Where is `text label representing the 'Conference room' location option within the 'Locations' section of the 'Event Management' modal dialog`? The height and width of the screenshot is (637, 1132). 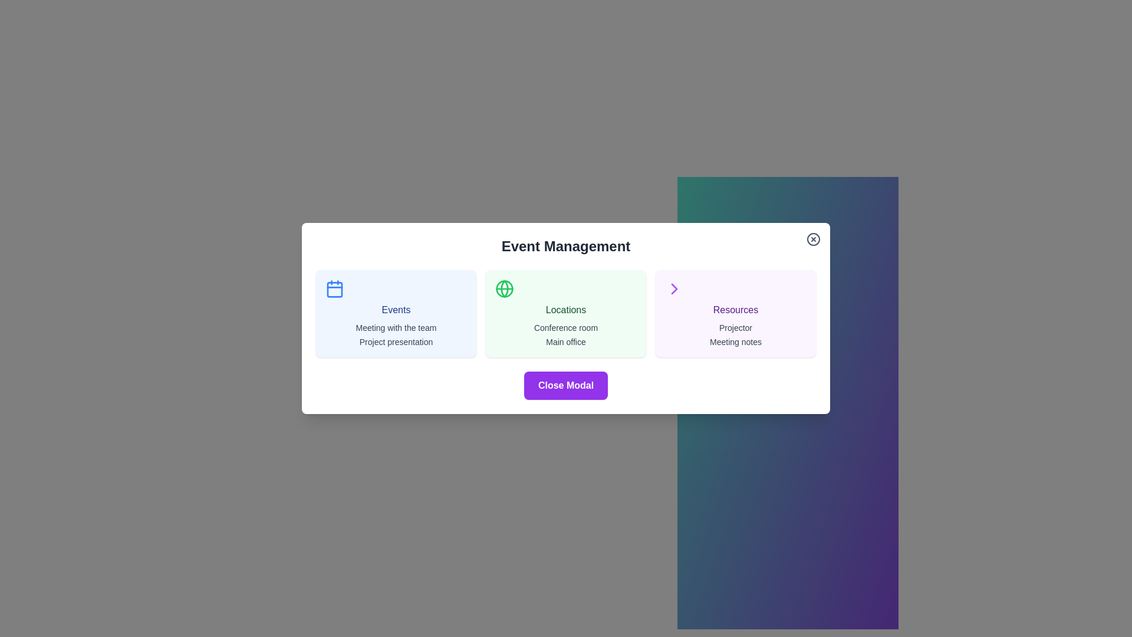 text label representing the 'Conference room' location option within the 'Locations' section of the 'Event Management' modal dialog is located at coordinates (566, 327).